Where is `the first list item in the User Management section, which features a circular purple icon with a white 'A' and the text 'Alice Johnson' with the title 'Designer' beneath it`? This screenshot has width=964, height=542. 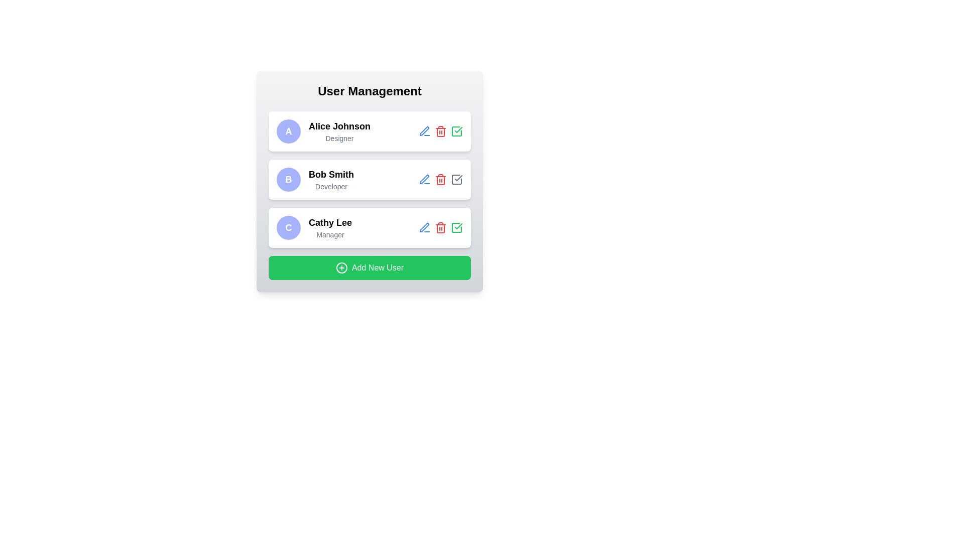 the first list item in the User Management section, which features a circular purple icon with a white 'A' and the text 'Alice Johnson' with the title 'Designer' beneath it is located at coordinates (323, 131).